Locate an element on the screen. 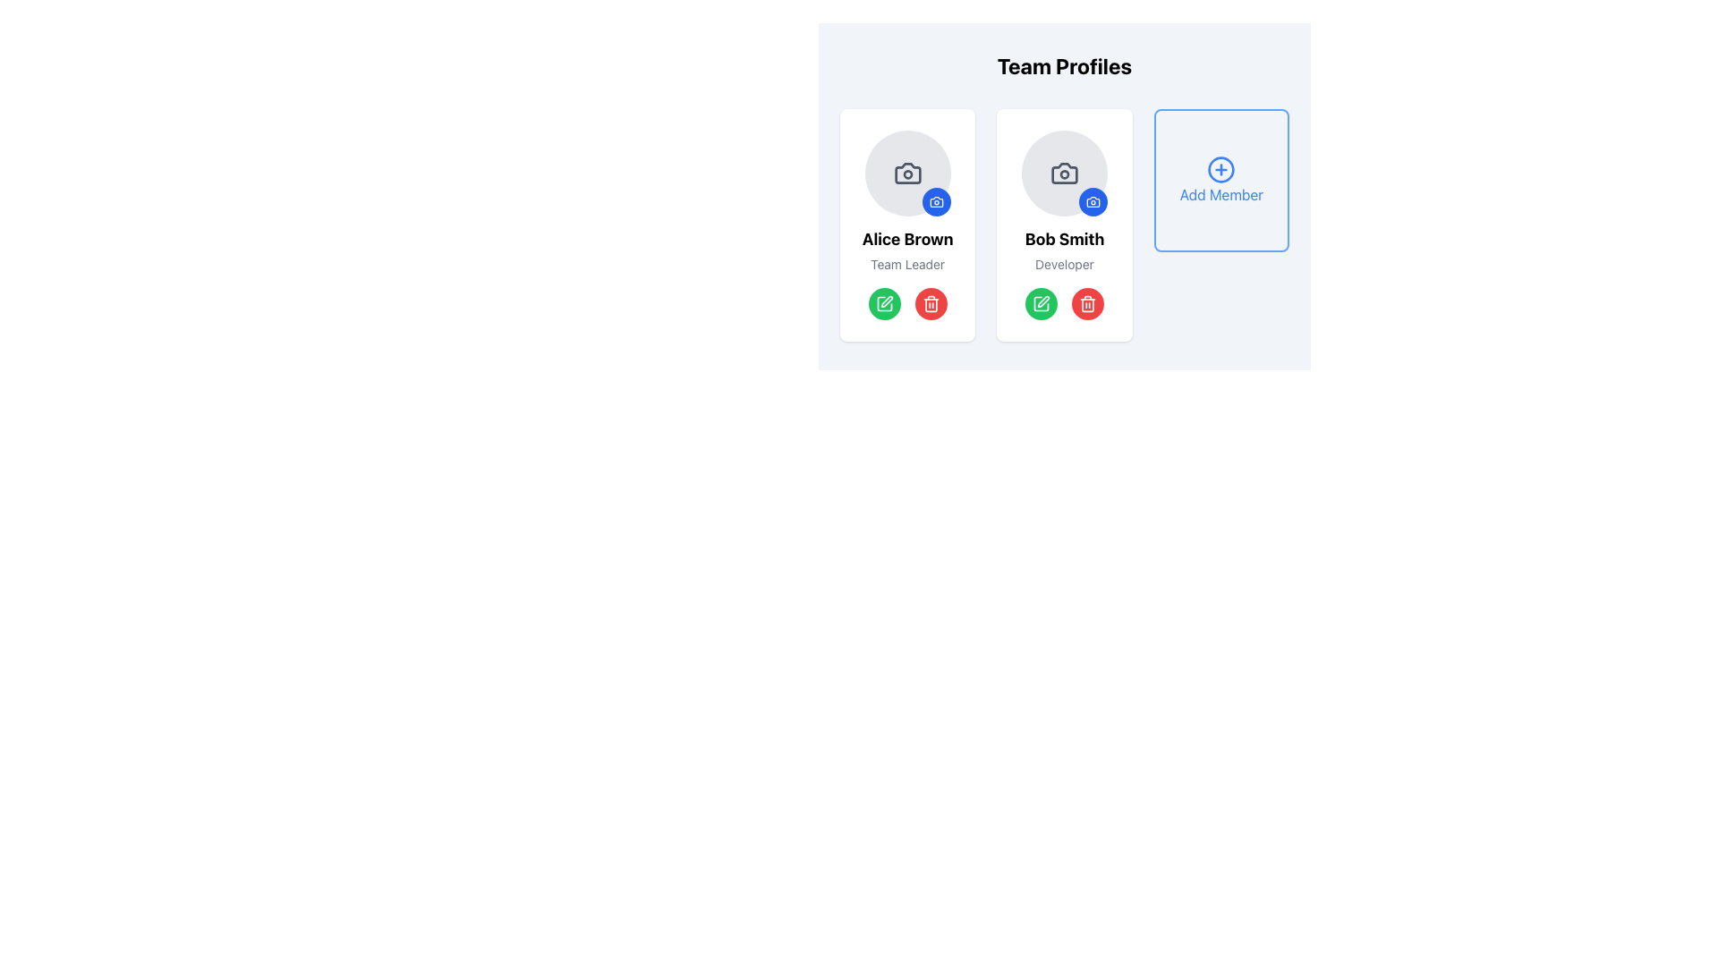 The width and height of the screenshot is (1718, 966). the blue circular icon with a white center and a blue plus sign in the middle, which is part of the 'Add Member' button located on the right side of the interface is located at coordinates (1220, 169).